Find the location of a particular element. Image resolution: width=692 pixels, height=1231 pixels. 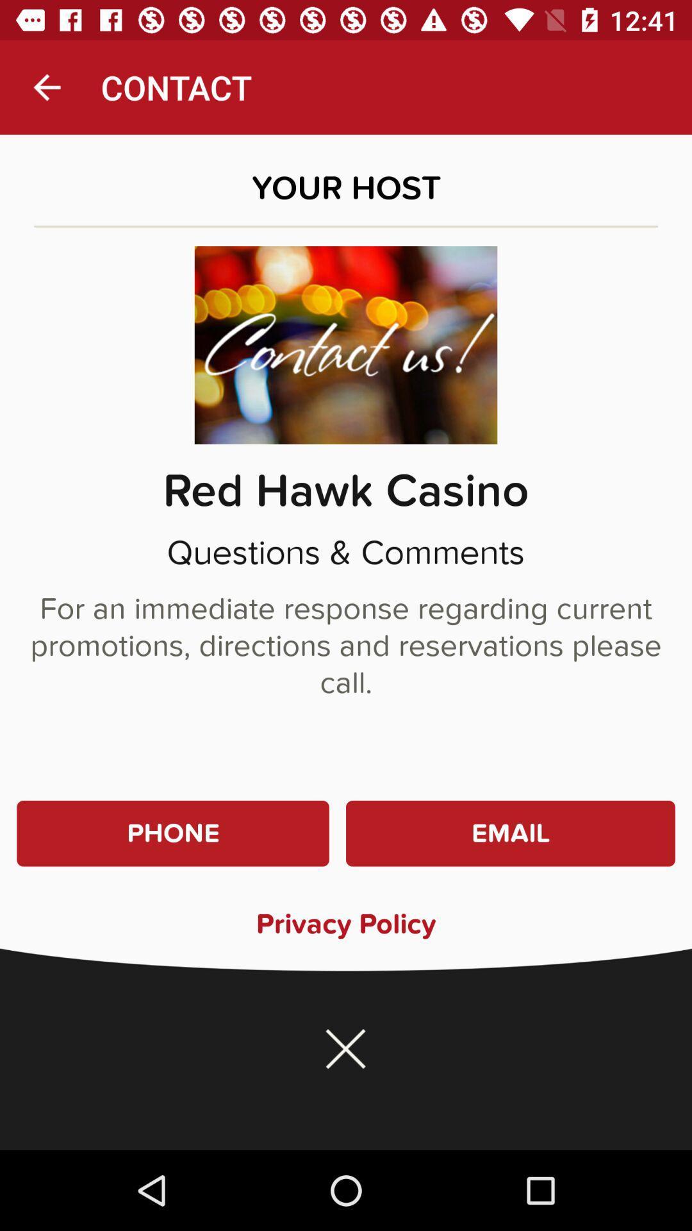

icon to the left of the contact app is located at coordinates (46, 87).